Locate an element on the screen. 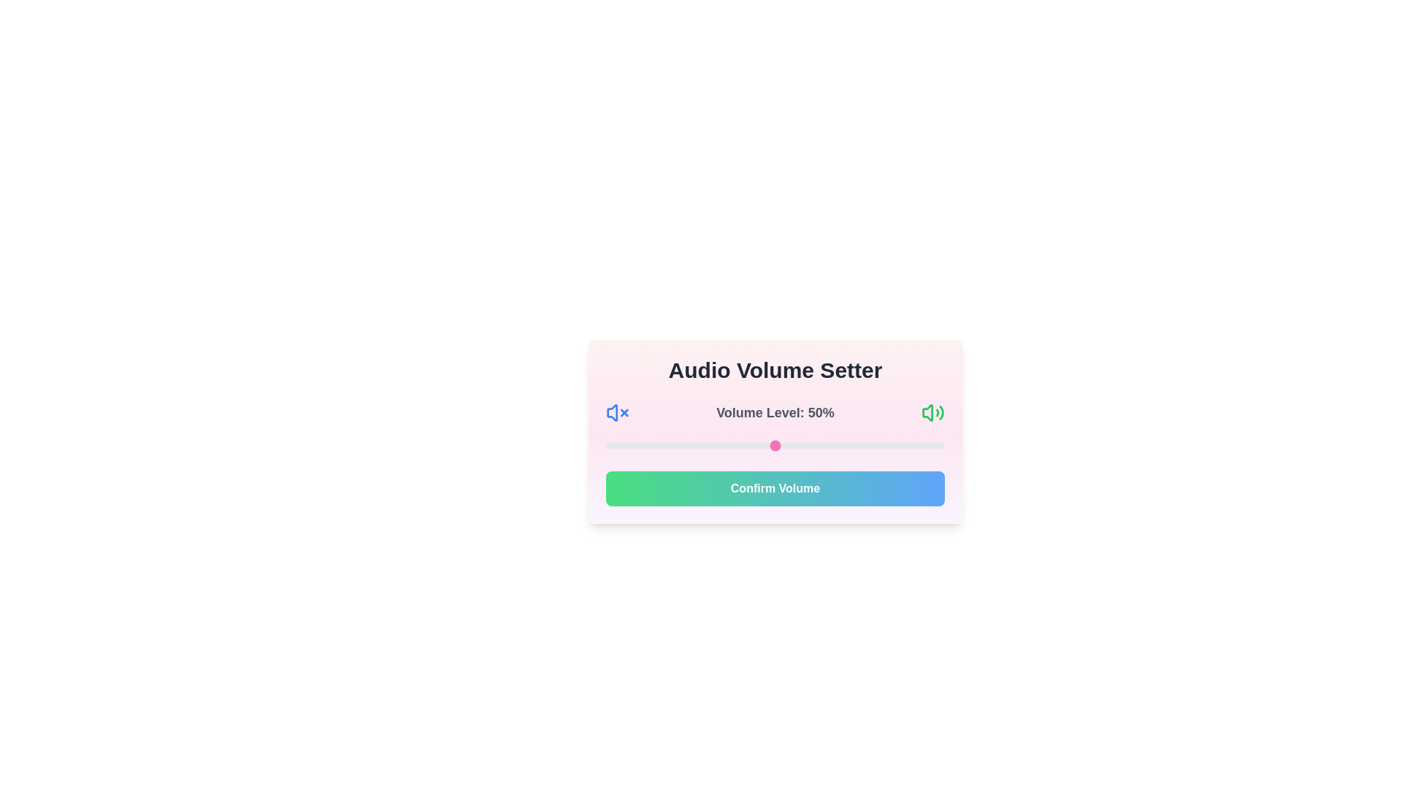 This screenshot has height=788, width=1402. the volume is located at coordinates (606, 444).